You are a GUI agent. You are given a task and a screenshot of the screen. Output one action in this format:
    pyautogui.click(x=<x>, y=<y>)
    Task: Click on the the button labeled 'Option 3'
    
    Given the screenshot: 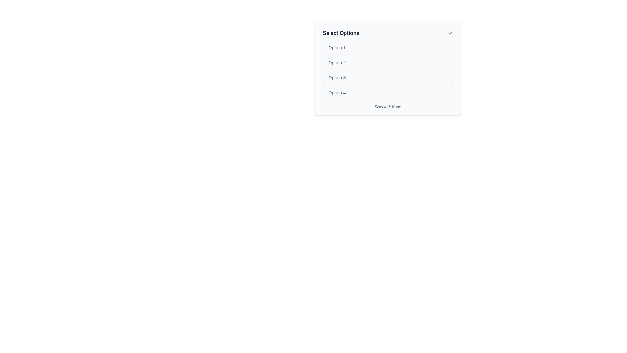 What is the action you would take?
    pyautogui.click(x=388, y=77)
    